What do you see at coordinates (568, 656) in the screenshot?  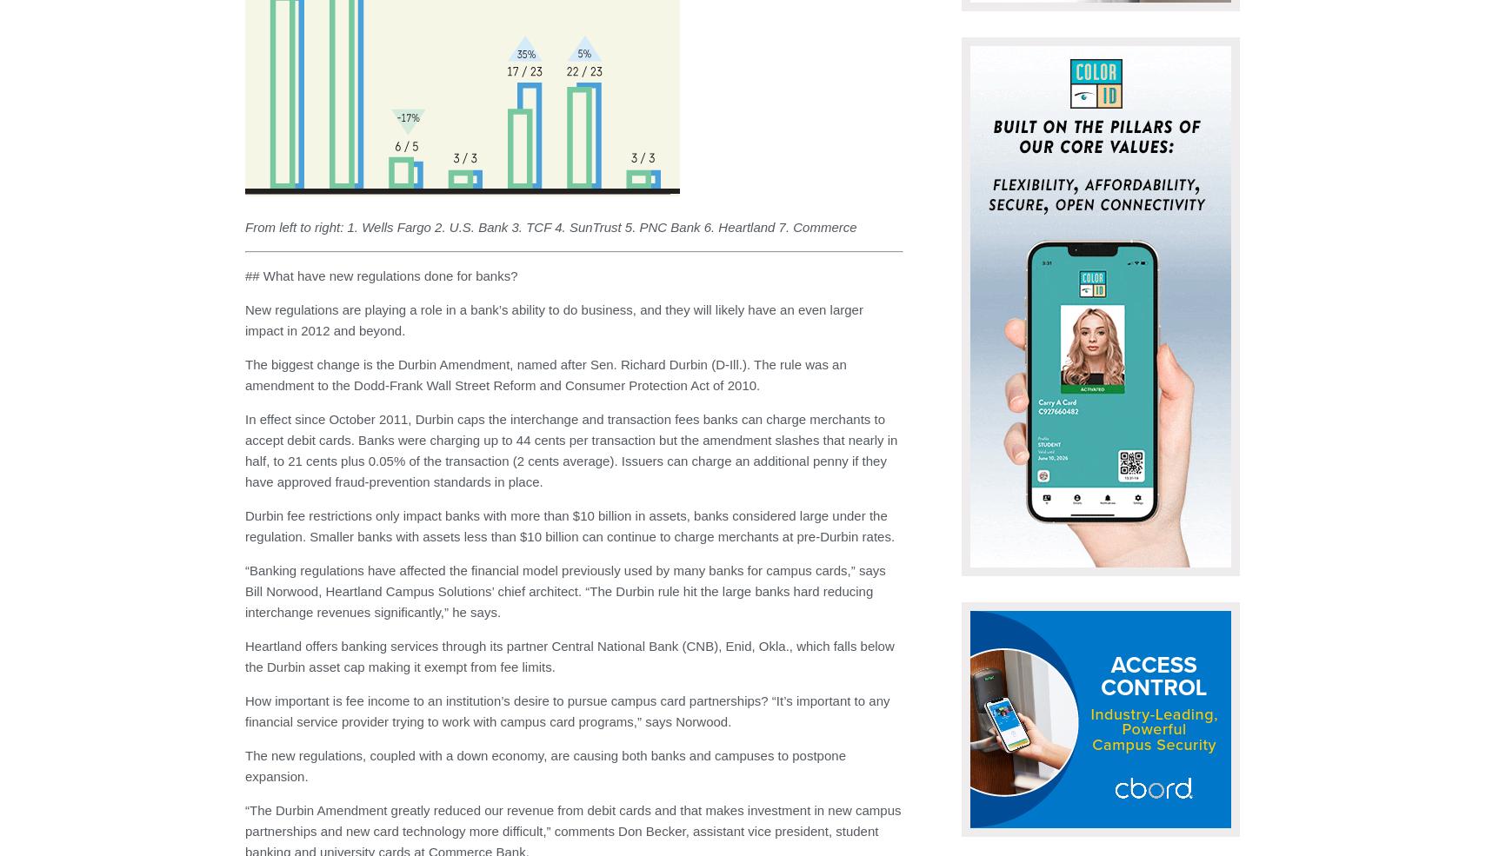 I see `'Heartland offers banking services through its partner Central National Bank (CNB), Enid, Okla., which falls below the Durbin asset cap making it exempt from fee limits.'` at bounding box center [568, 656].